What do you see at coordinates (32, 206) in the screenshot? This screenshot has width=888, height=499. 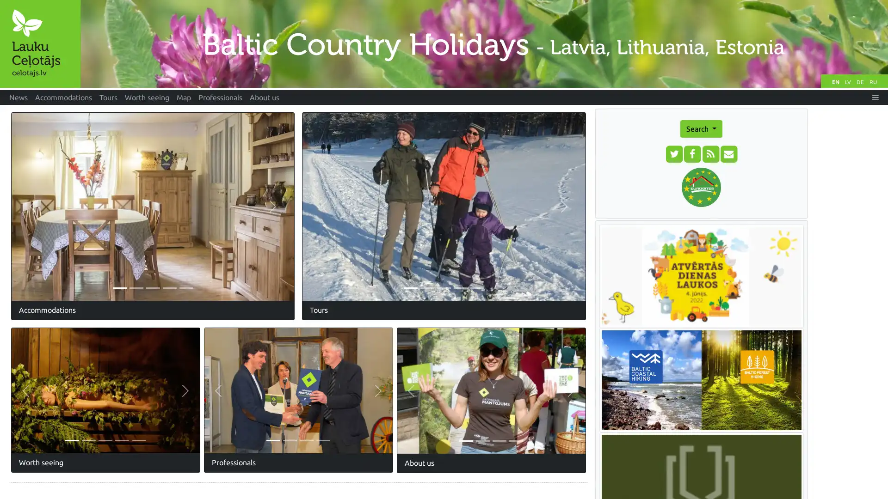 I see `Previous` at bounding box center [32, 206].